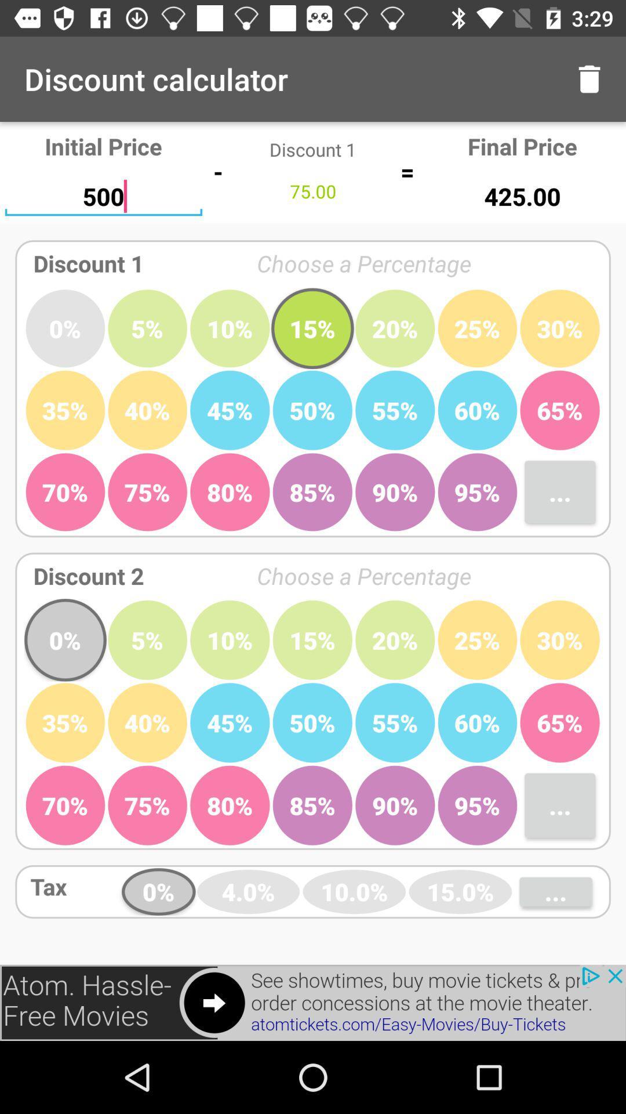  I want to click on share the article, so click(313, 1002).